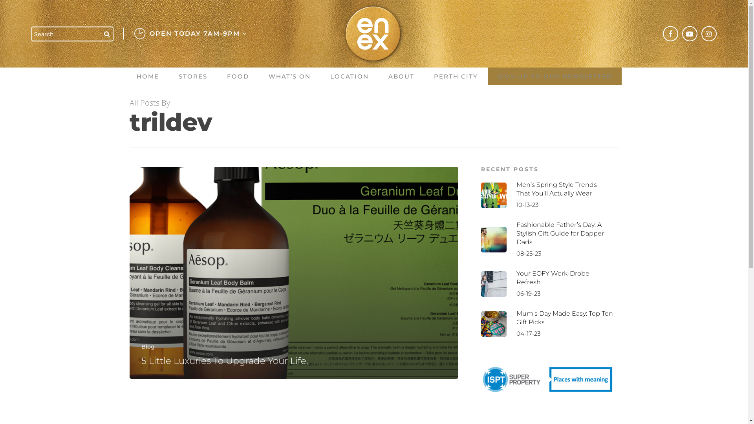  What do you see at coordinates (148, 346) in the screenshot?
I see `'Blog'` at bounding box center [148, 346].